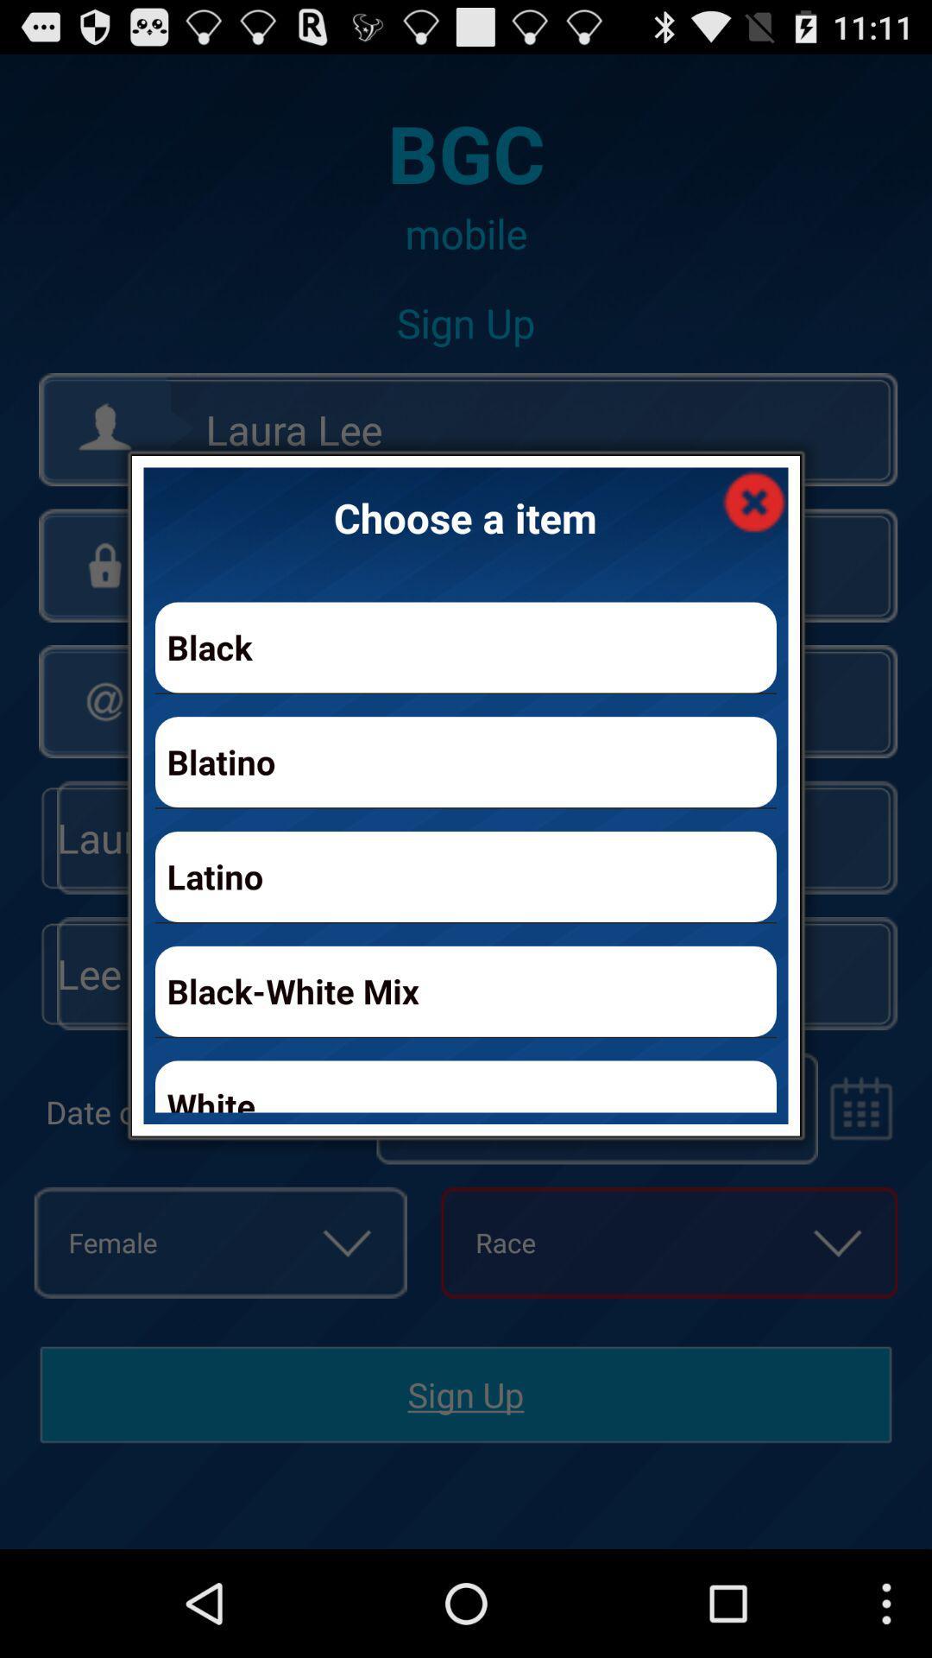  I want to click on icon to the right of the choose a item, so click(753, 500).